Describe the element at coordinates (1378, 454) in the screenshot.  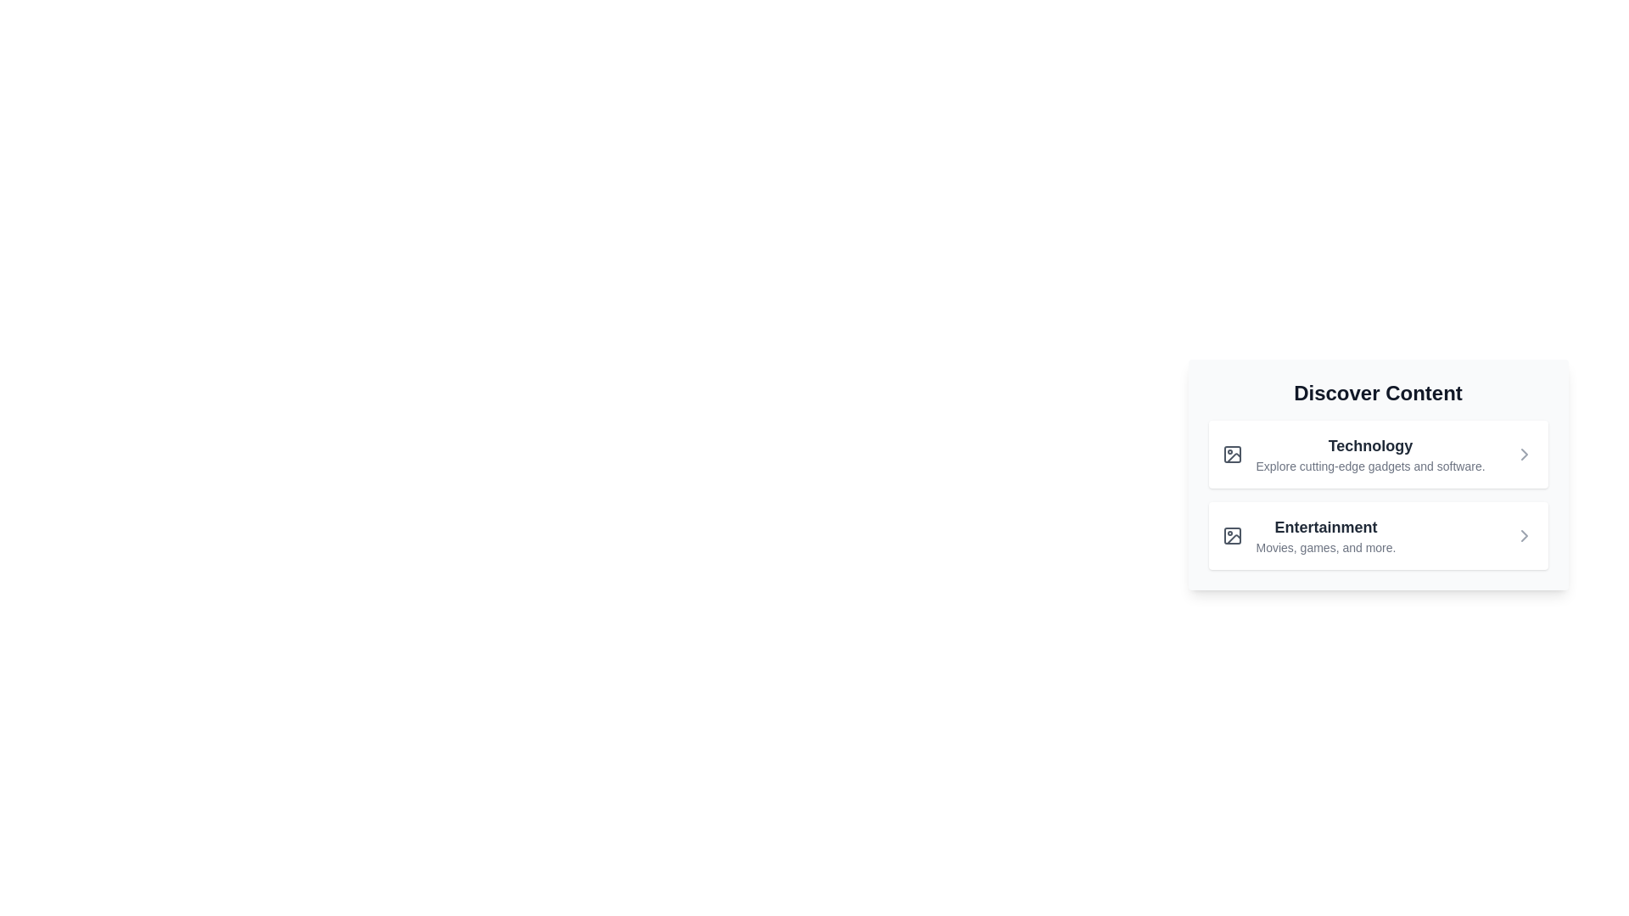
I see `the first card in the list that serves as a navigation point for technology and gadgets` at that location.